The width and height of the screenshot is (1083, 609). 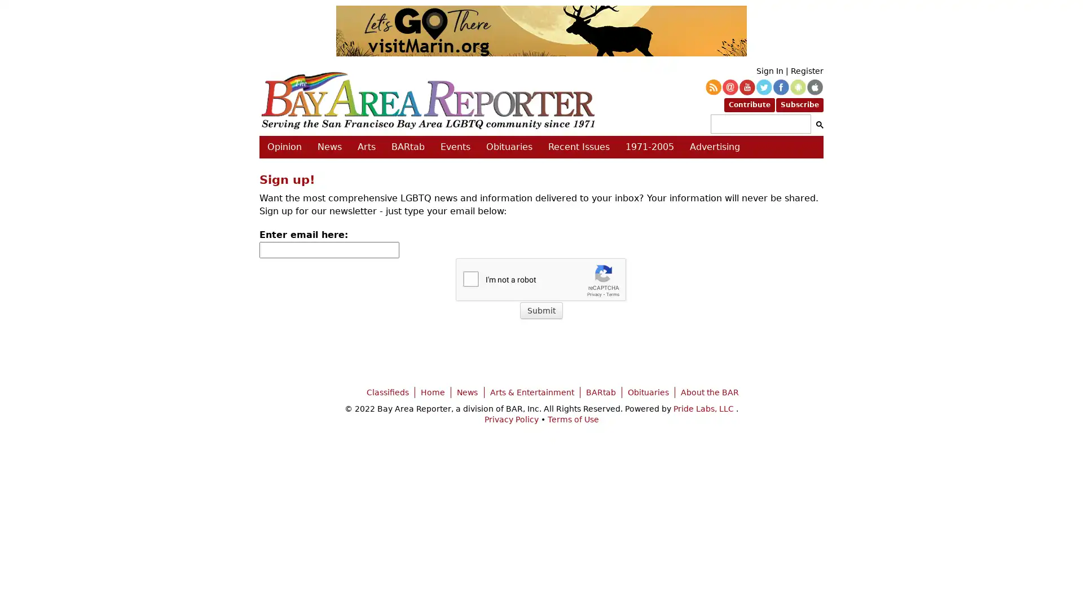 What do you see at coordinates (541, 311) in the screenshot?
I see `Submit` at bounding box center [541, 311].